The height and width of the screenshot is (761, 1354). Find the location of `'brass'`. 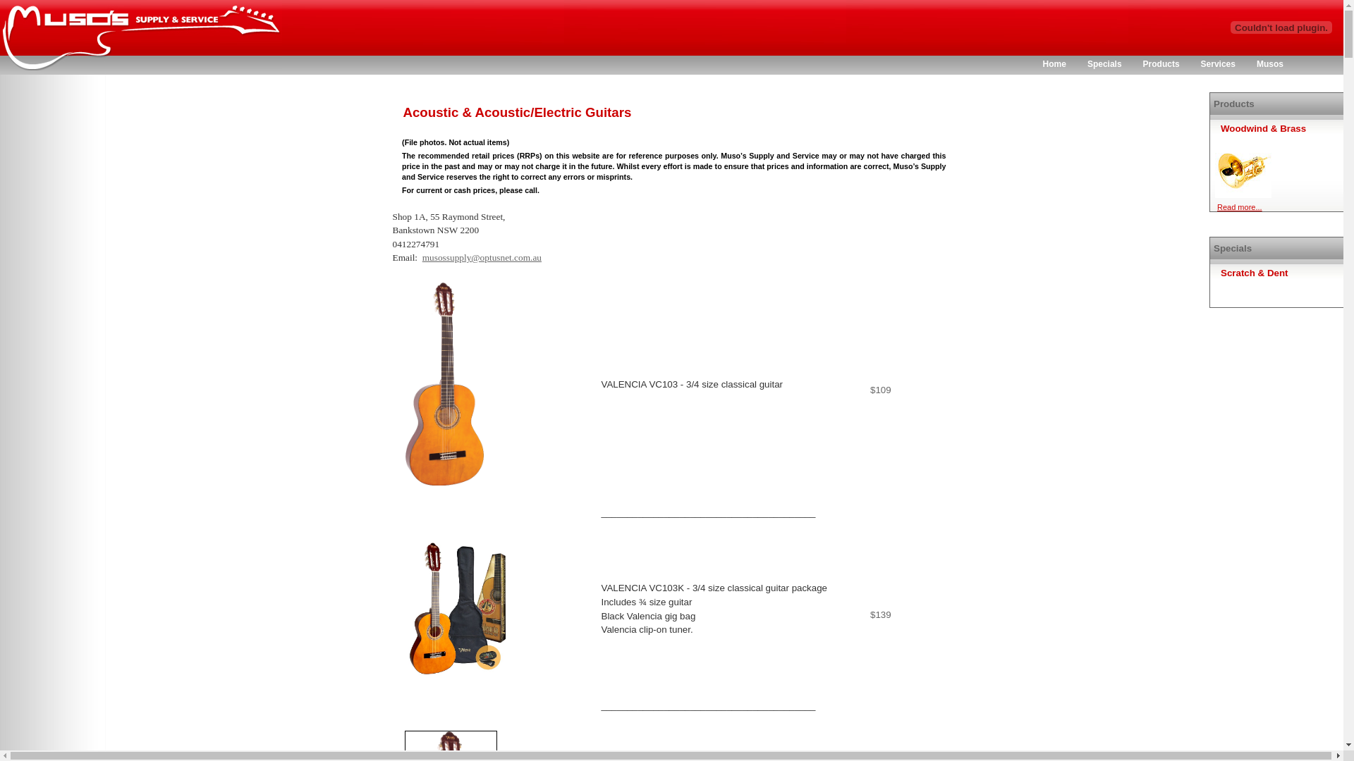

'brass' is located at coordinates (1243, 168).